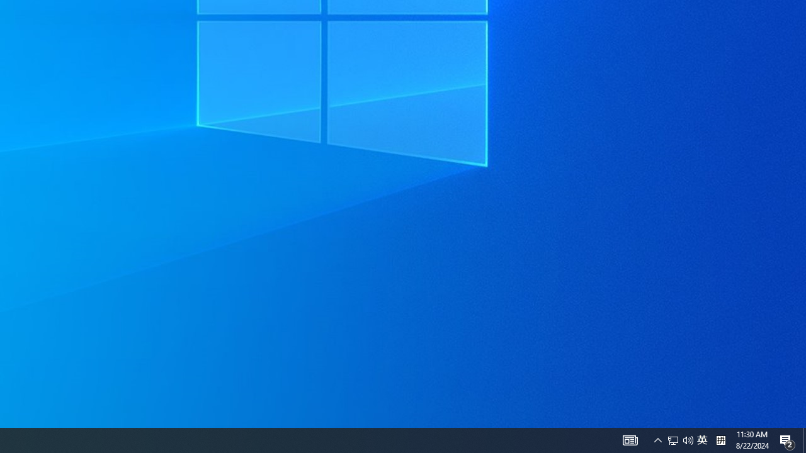 The height and width of the screenshot is (453, 806). What do you see at coordinates (630, 439) in the screenshot?
I see `'AutomationID: 4105'` at bounding box center [630, 439].